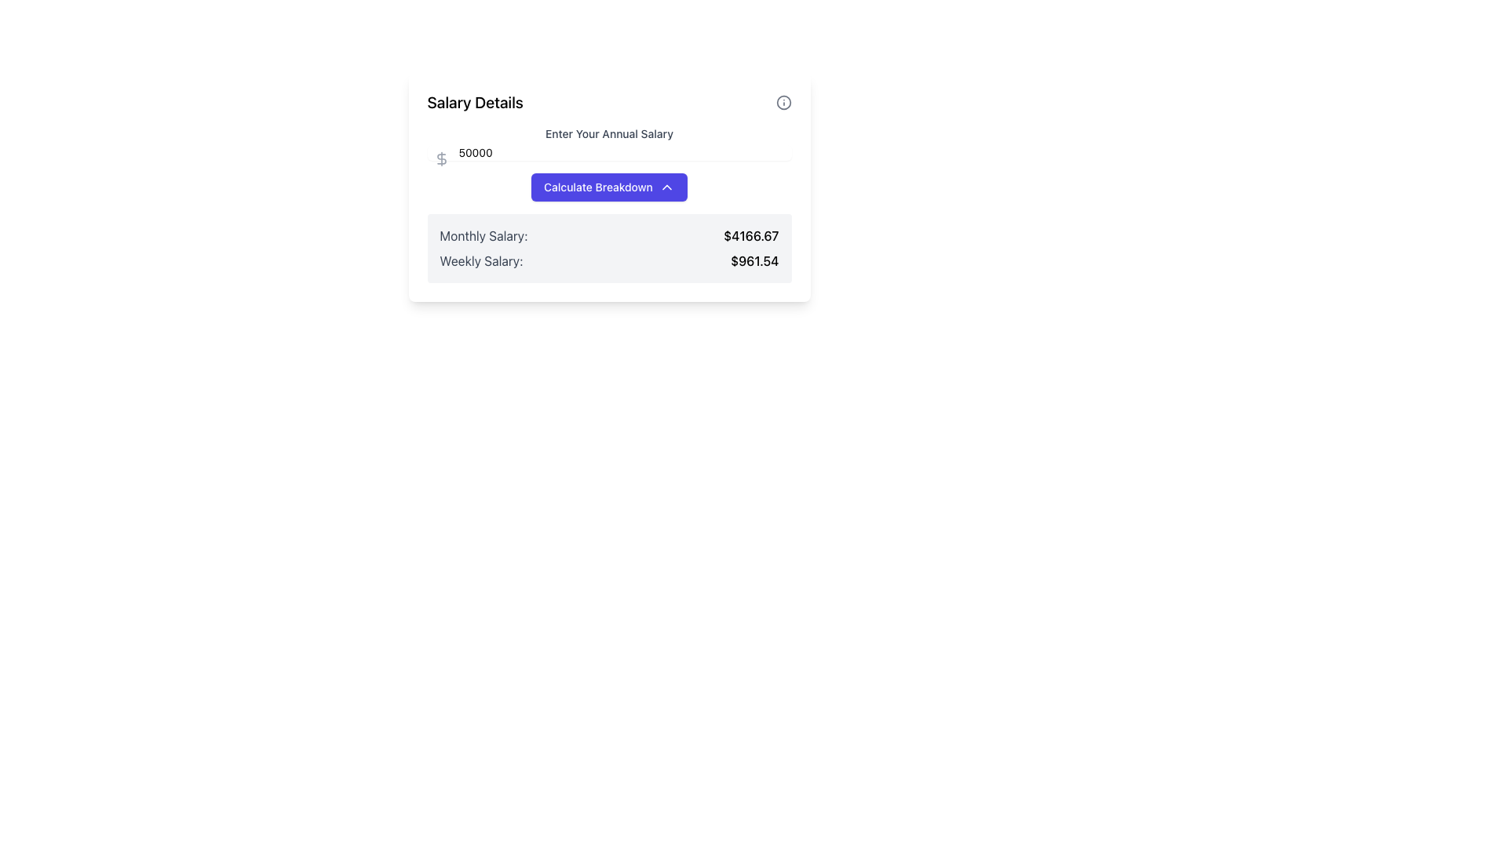 The width and height of the screenshot is (1507, 847). What do you see at coordinates (666, 187) in the screenshot?
I see `the dropdown indicator icon within the 'Calculate Breakdown' button` at bounding box center [666, 187].